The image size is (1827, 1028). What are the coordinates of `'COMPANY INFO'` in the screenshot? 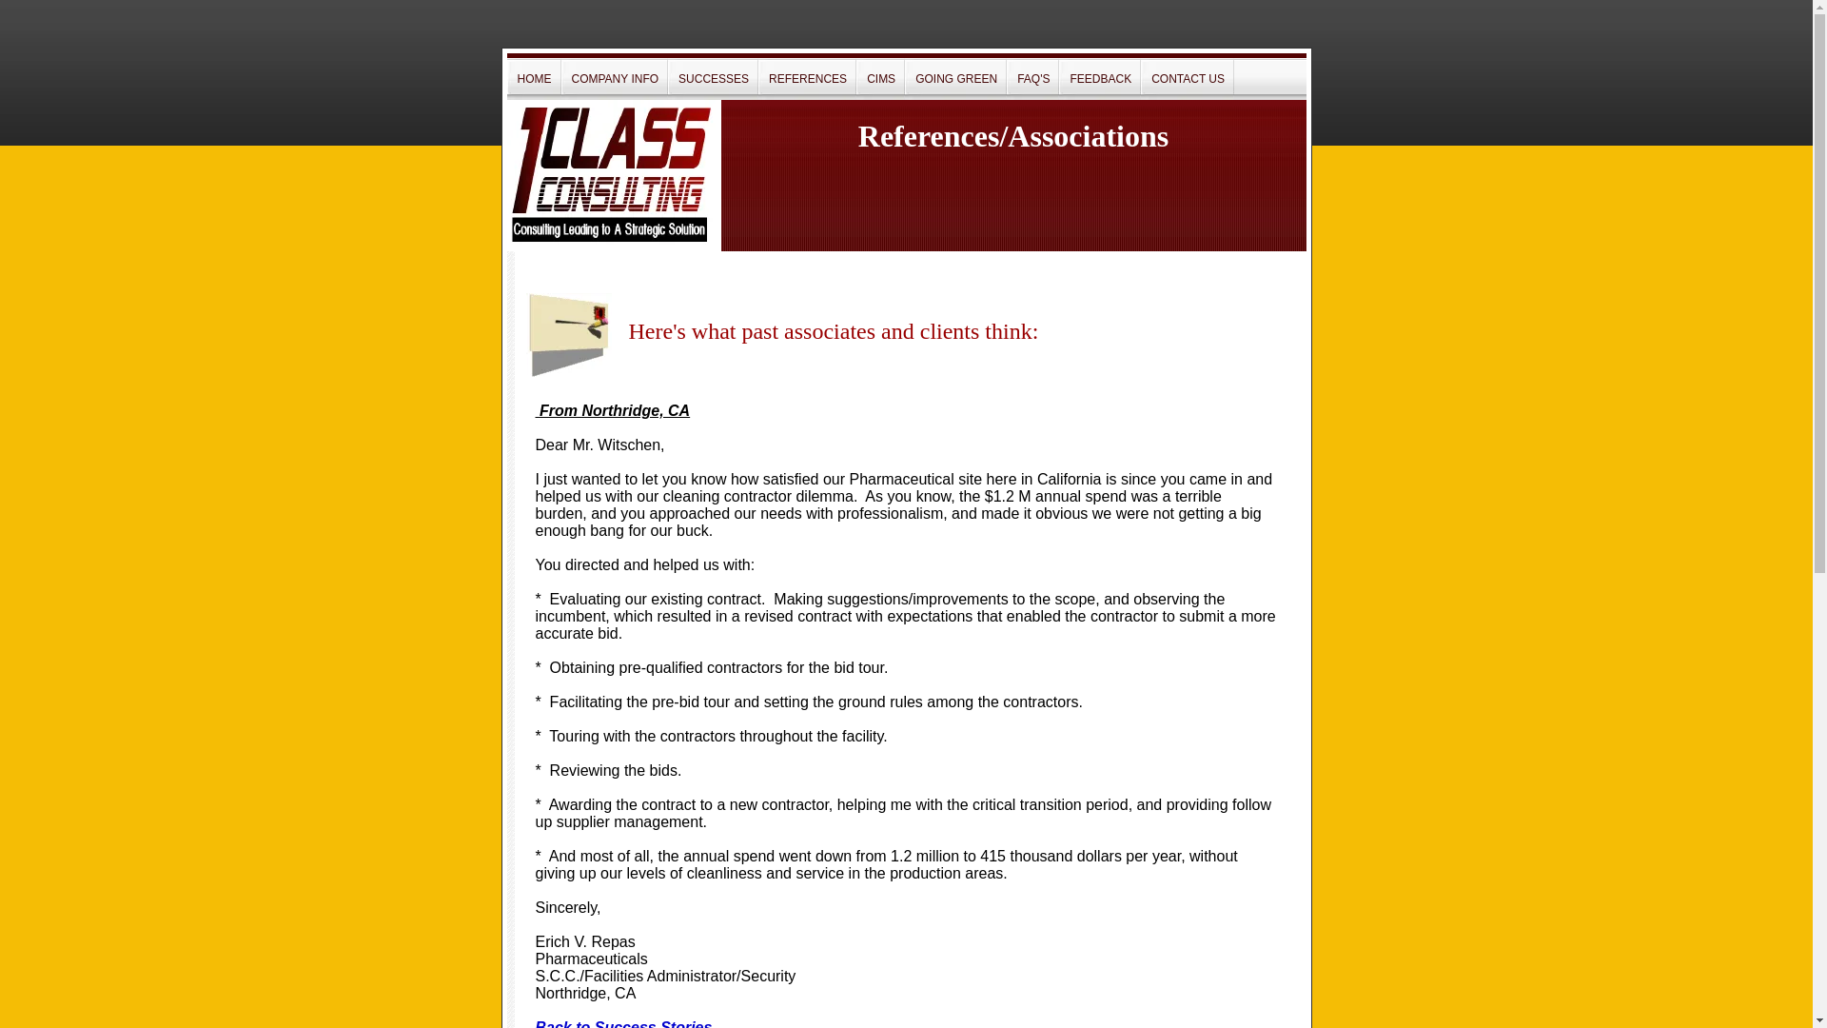 It's located at (615, 78).